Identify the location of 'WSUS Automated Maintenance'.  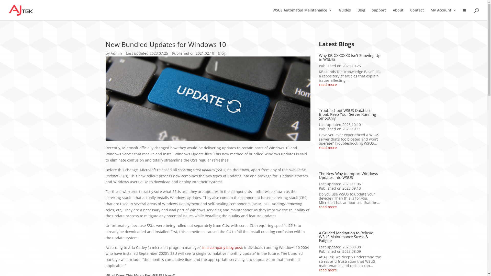
(302, 14).